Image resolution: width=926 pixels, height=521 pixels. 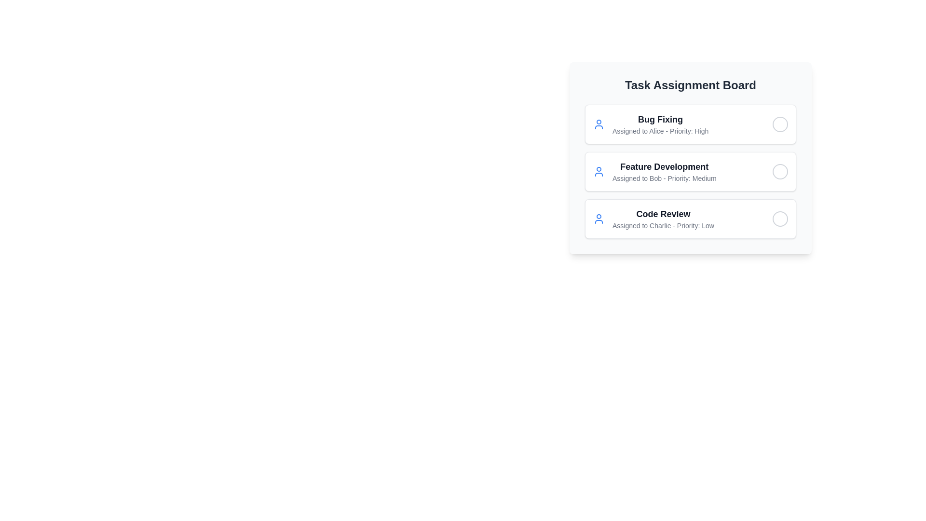 I want to click on the user icon representing the assignee related to the task 'Feature Development' located to the left of the text 'Feature DevelopmentAssigned to Bob - Priority: Medium', so click(x=599, y=171).